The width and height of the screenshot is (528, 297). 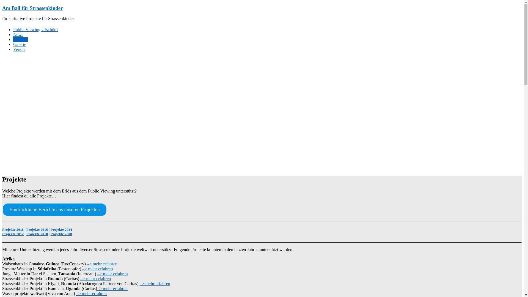 What do you see at coordinates (2, 5) in the screenshot?
I see `'Zum Inhalt springen'` at bounding box center [2, 5].